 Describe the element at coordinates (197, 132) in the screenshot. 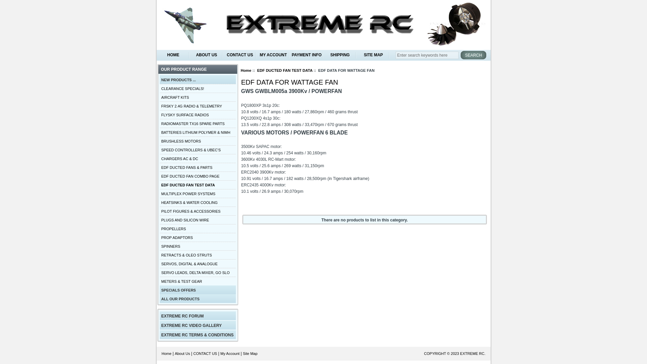

I see `'BATTERIES LITHIUM POLYMER & NIMH'` at that location.